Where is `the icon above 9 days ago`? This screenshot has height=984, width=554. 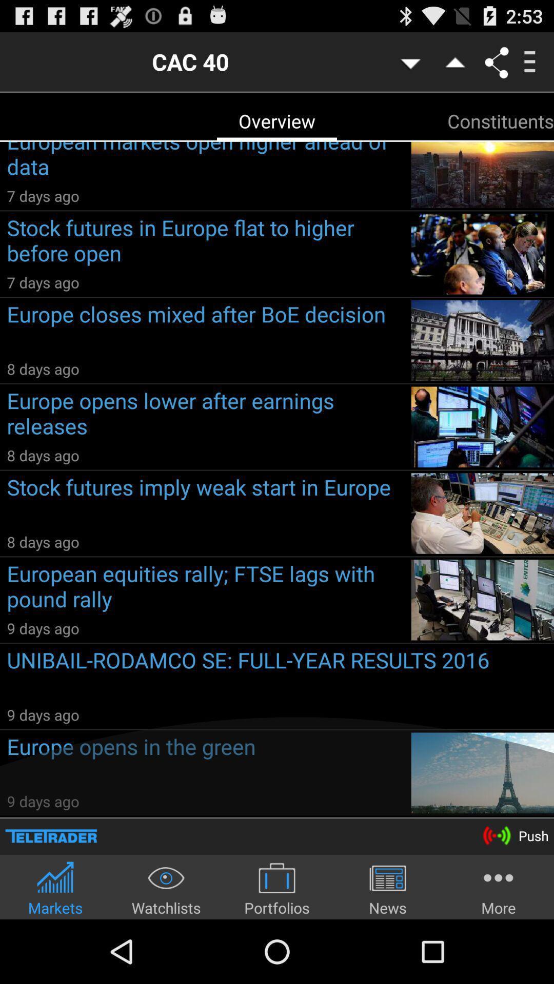
the icon above 9 days ago is located at coordinates (280, 674).